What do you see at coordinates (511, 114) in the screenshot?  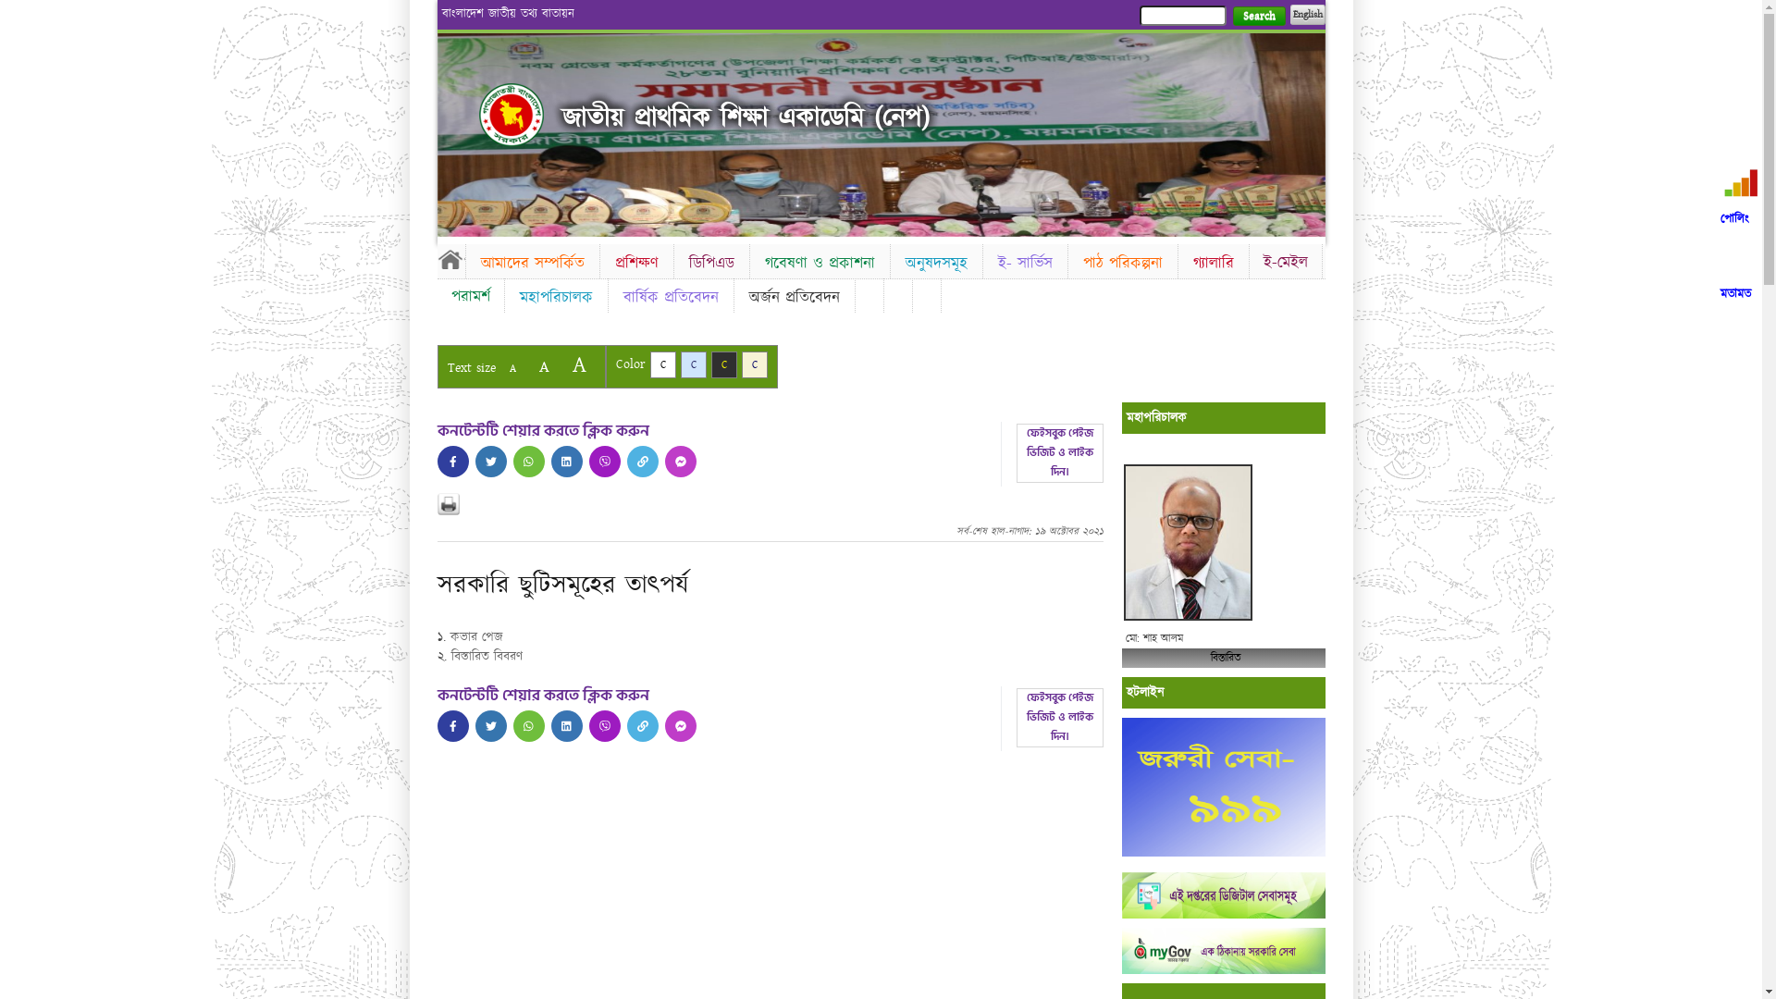 I see `'Home'` at bounding box center [511, 114].